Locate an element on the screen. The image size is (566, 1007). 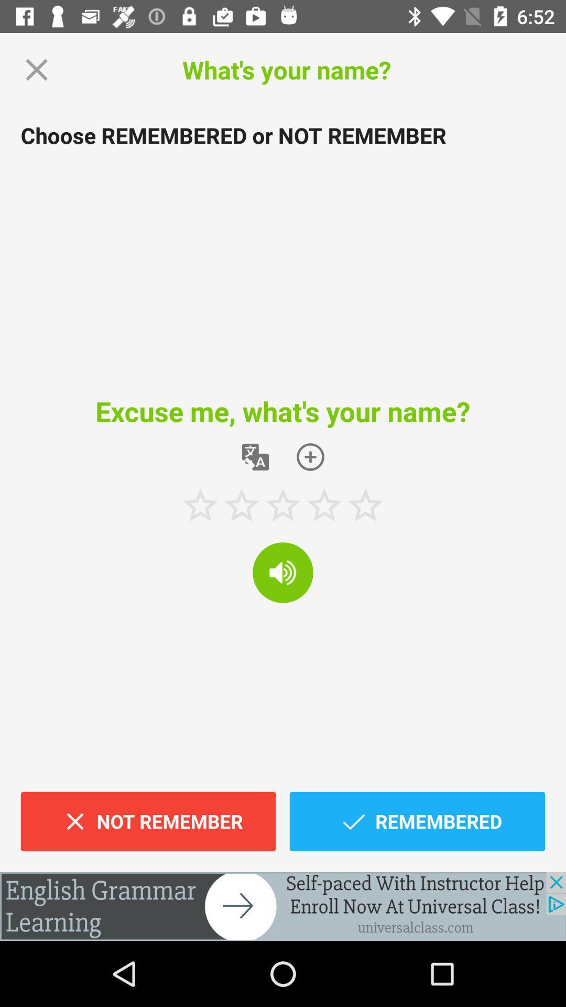
the universal class site is located at coordinates (283, 906).